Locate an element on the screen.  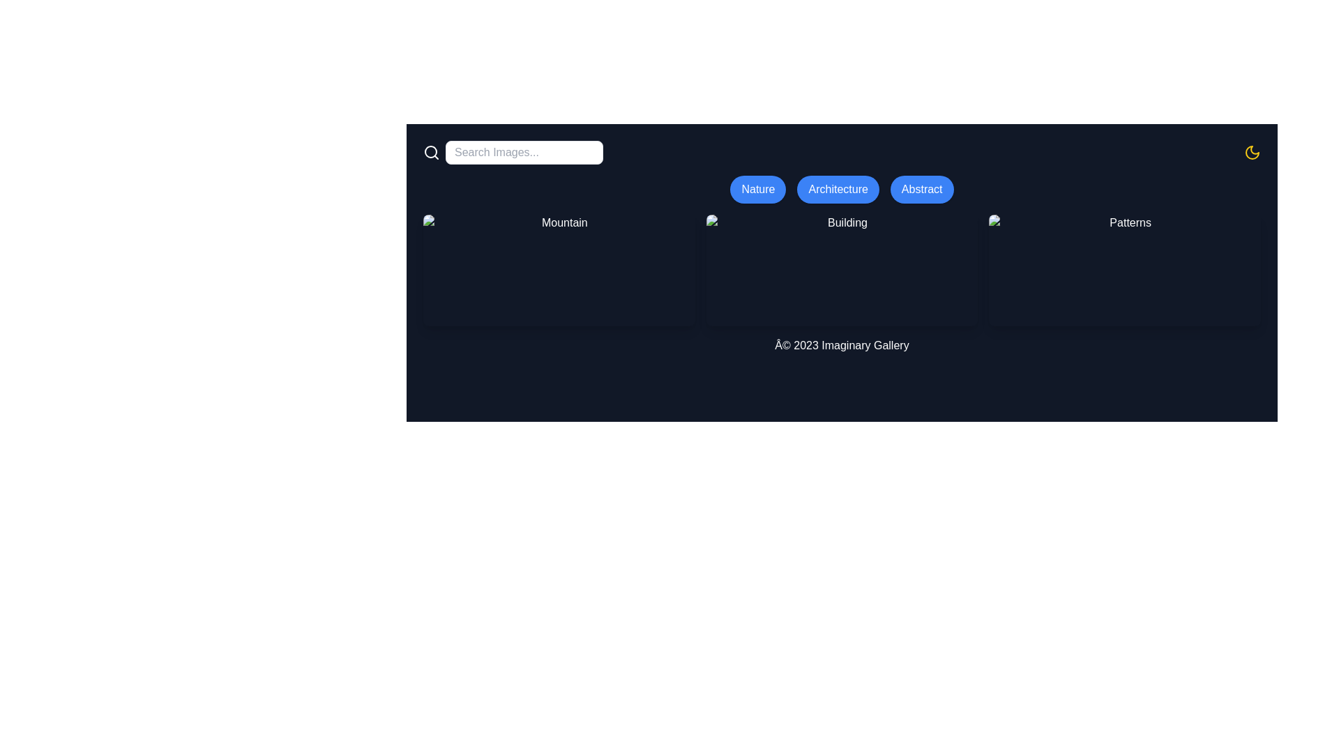
the search icon, which serves as a visual indicator for the search function is located at coordinates (431, 153).